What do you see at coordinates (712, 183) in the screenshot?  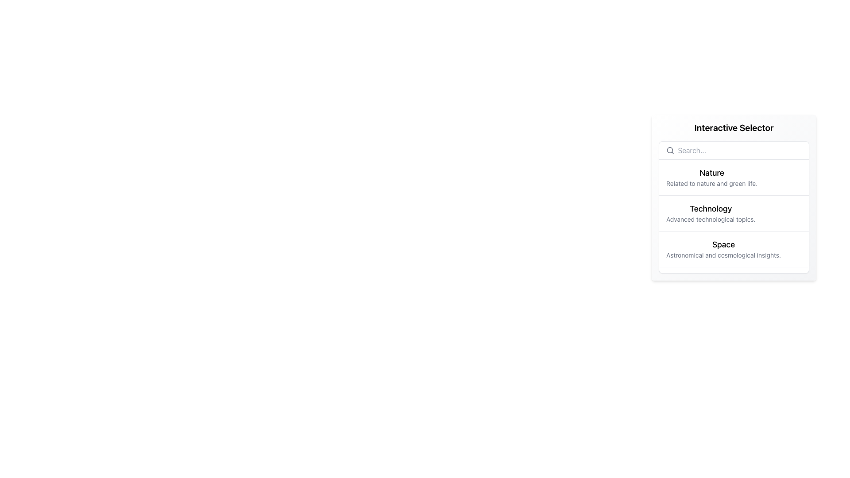 I see `the static label providing additional context for the 'Nature' category, located directly below the 'Nature' text in the upper part of the panel` at bounding box center [712, 183].